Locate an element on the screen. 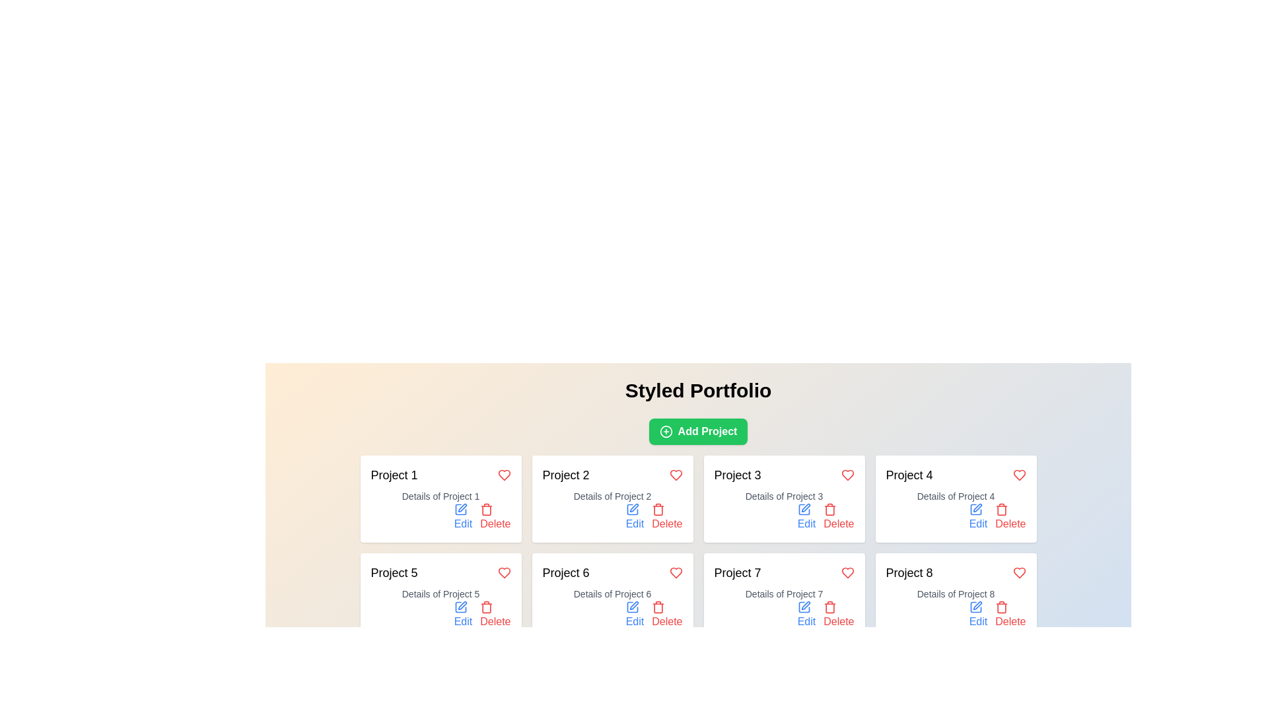 This screenshot has height=713, width=1268. the delete icon located at the bottom-right of the Project 8 card is located at coordinates (1002, 607).